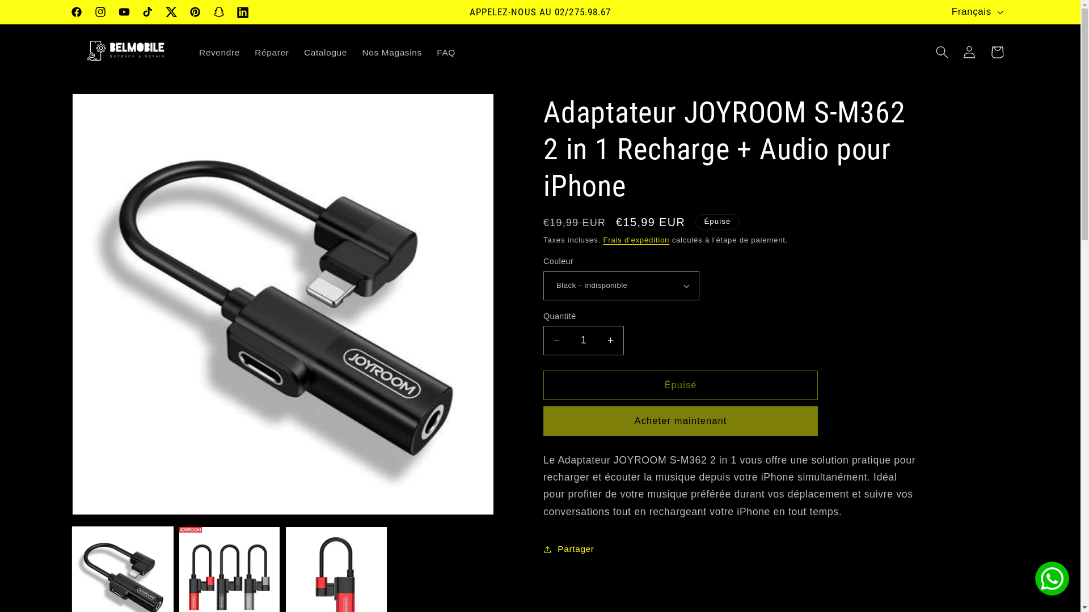 The image size is (1089, 612). I want to click on 'Passer aux informations produits', so click(109, 108).